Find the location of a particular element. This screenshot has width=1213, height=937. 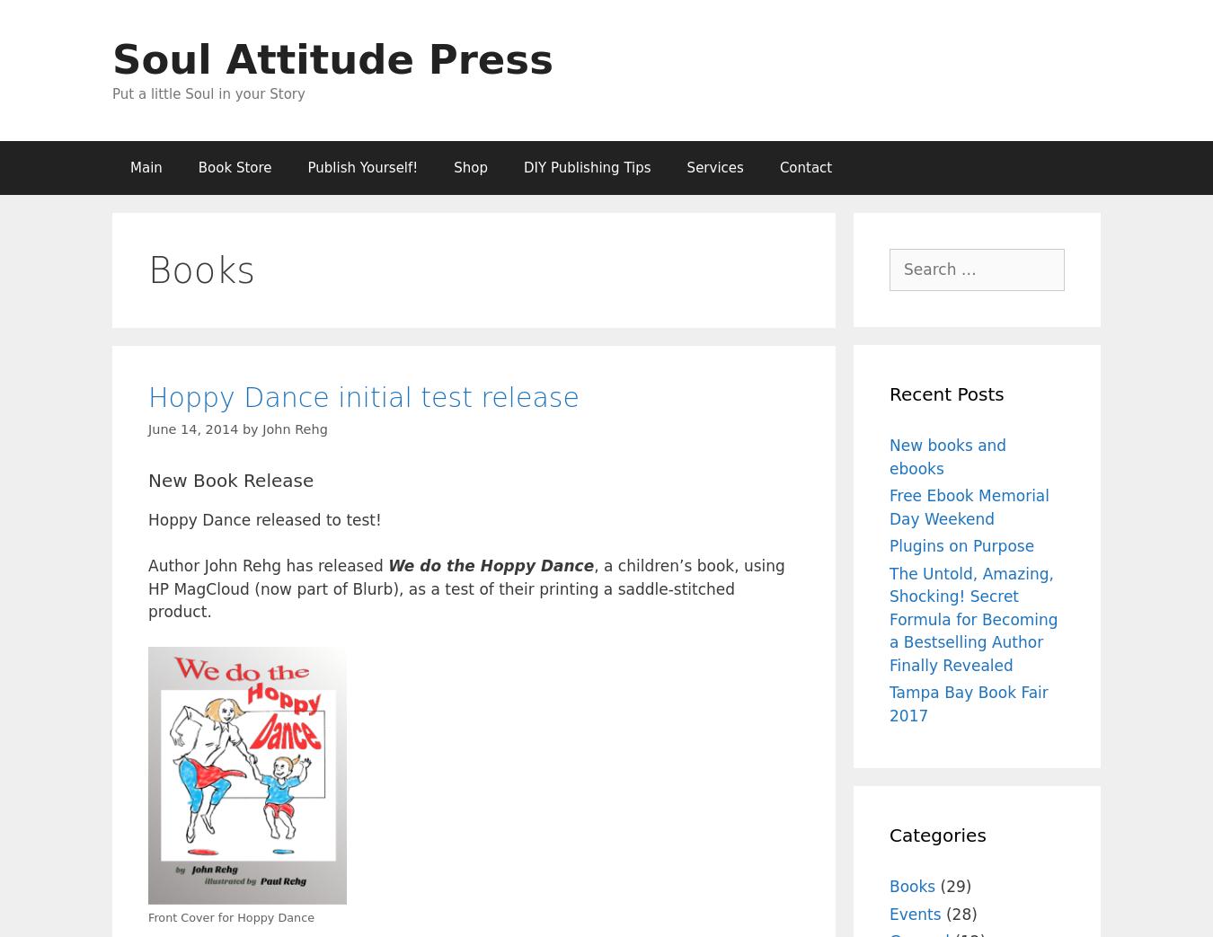

'John Rehg' is located at coordinates (294, 427).